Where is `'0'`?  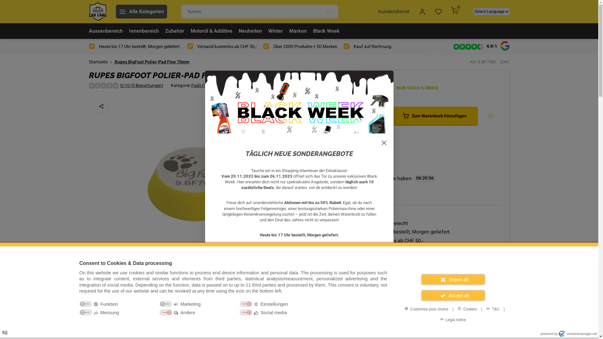 '0' is located at coordinates (455, 12).